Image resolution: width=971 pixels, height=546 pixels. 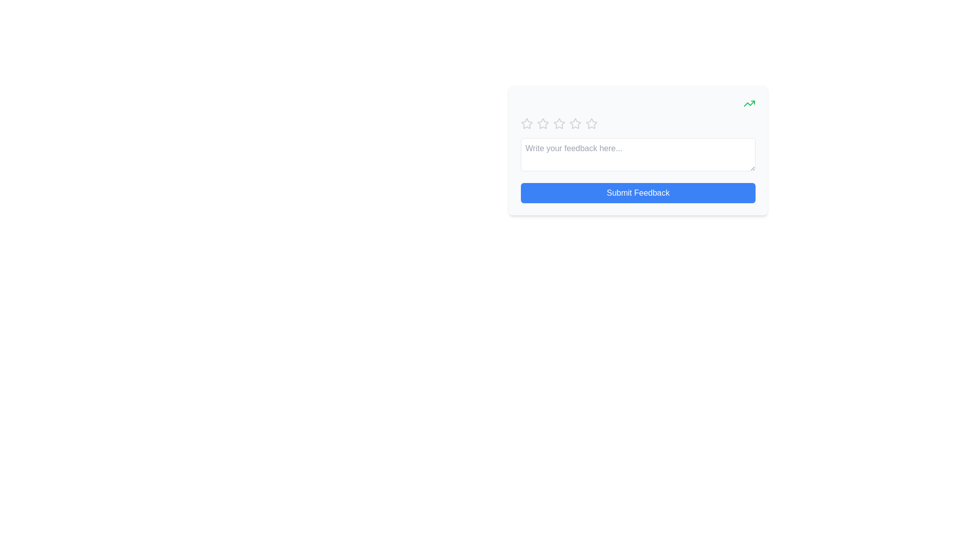 What do you see at coordinates (749, 103) in the screenshot?
I see `the upward trending green arrow icon located in the top-right corner of the feedback form interface` at bounding box center [749, 103].